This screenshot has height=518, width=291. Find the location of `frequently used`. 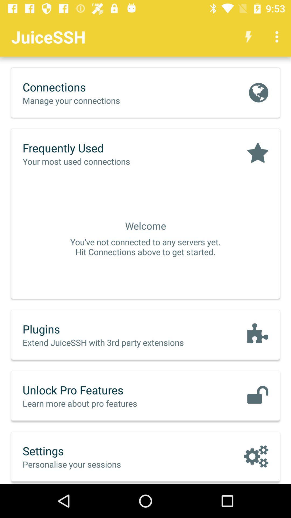

frequently used is located at coordinates (87, 148).